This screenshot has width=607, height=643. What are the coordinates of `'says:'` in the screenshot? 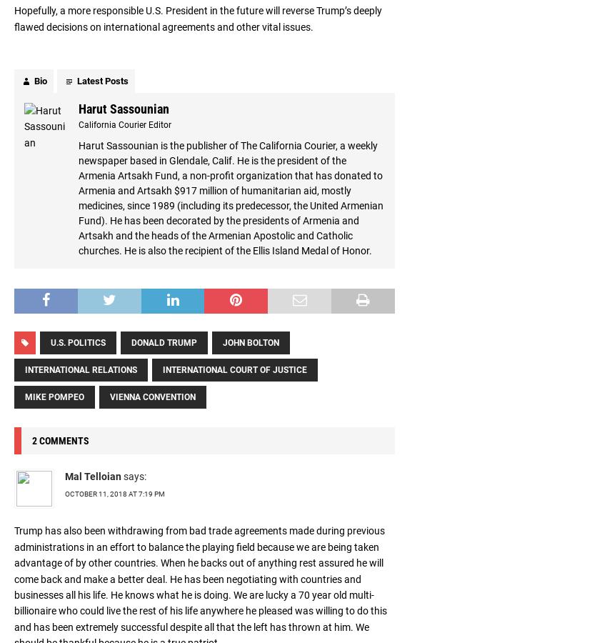 It's located at (122, 476).